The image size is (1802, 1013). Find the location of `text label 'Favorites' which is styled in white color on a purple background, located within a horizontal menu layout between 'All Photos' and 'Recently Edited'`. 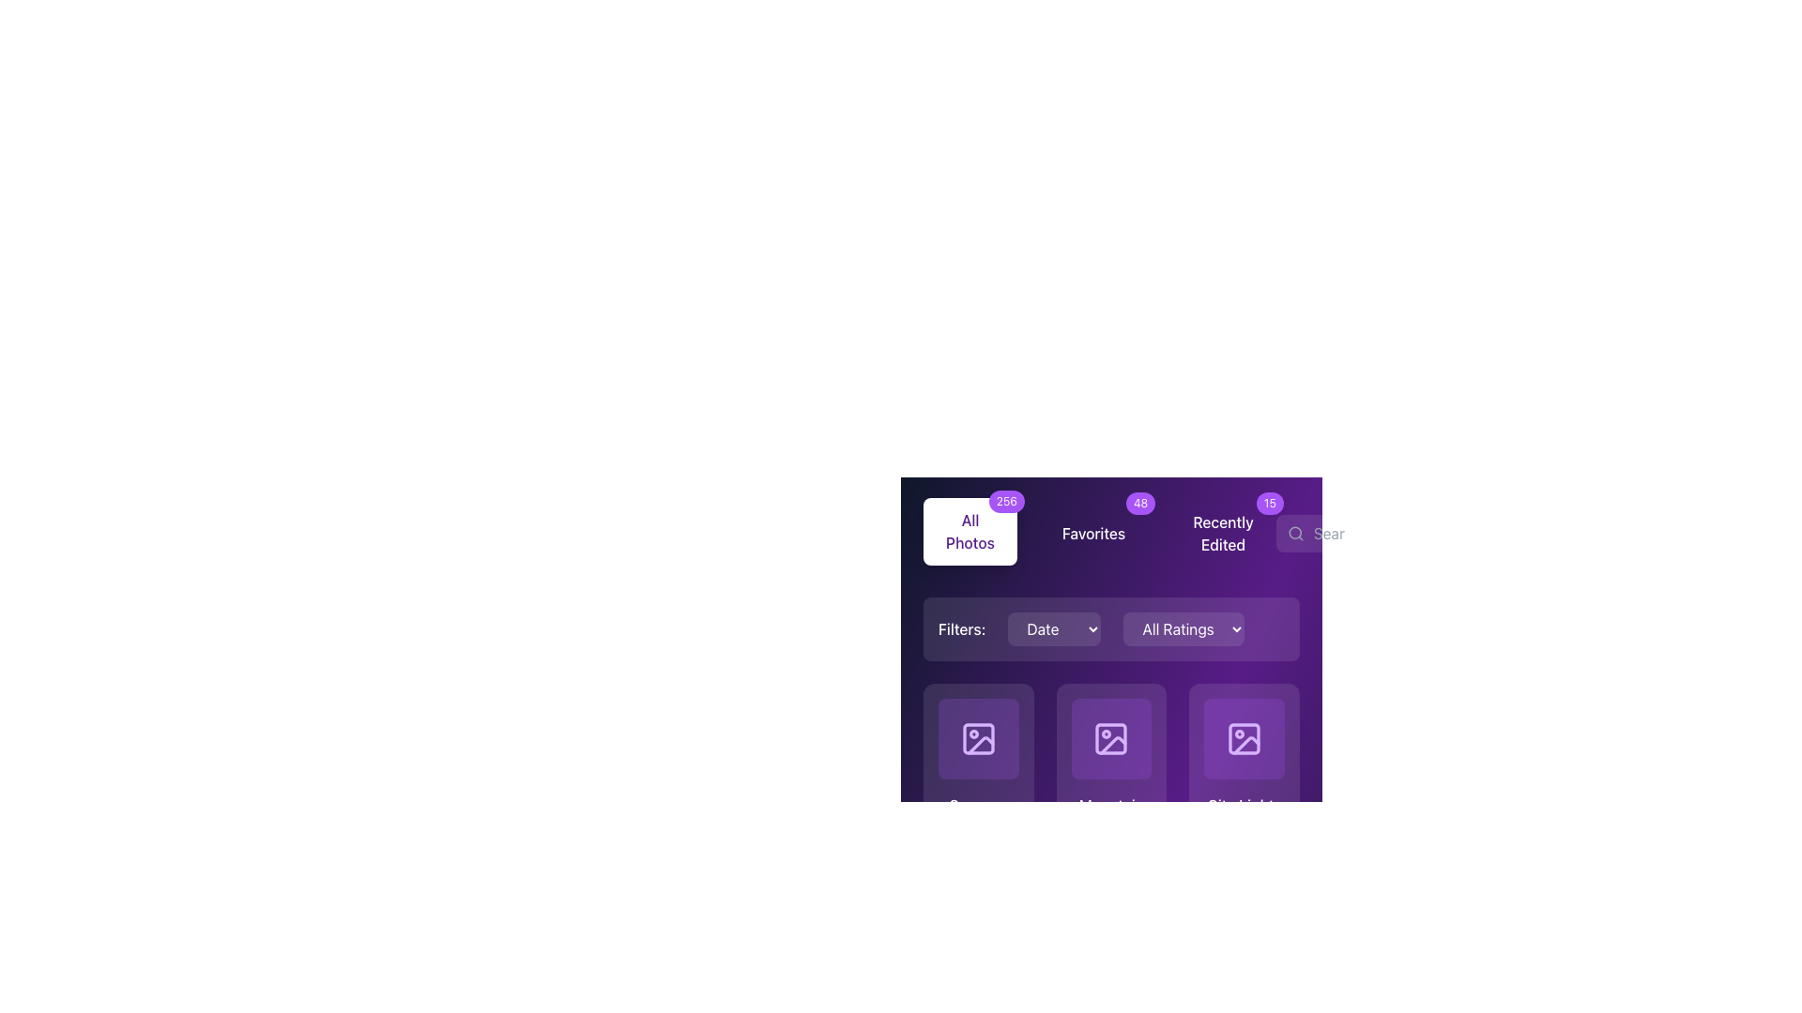

text label 'Favorites' which is styled in white color on a purple background, located within a horizontal menu layout between 'All Photos' and 'Recently Edited' is located at coordinates (1093, 534).